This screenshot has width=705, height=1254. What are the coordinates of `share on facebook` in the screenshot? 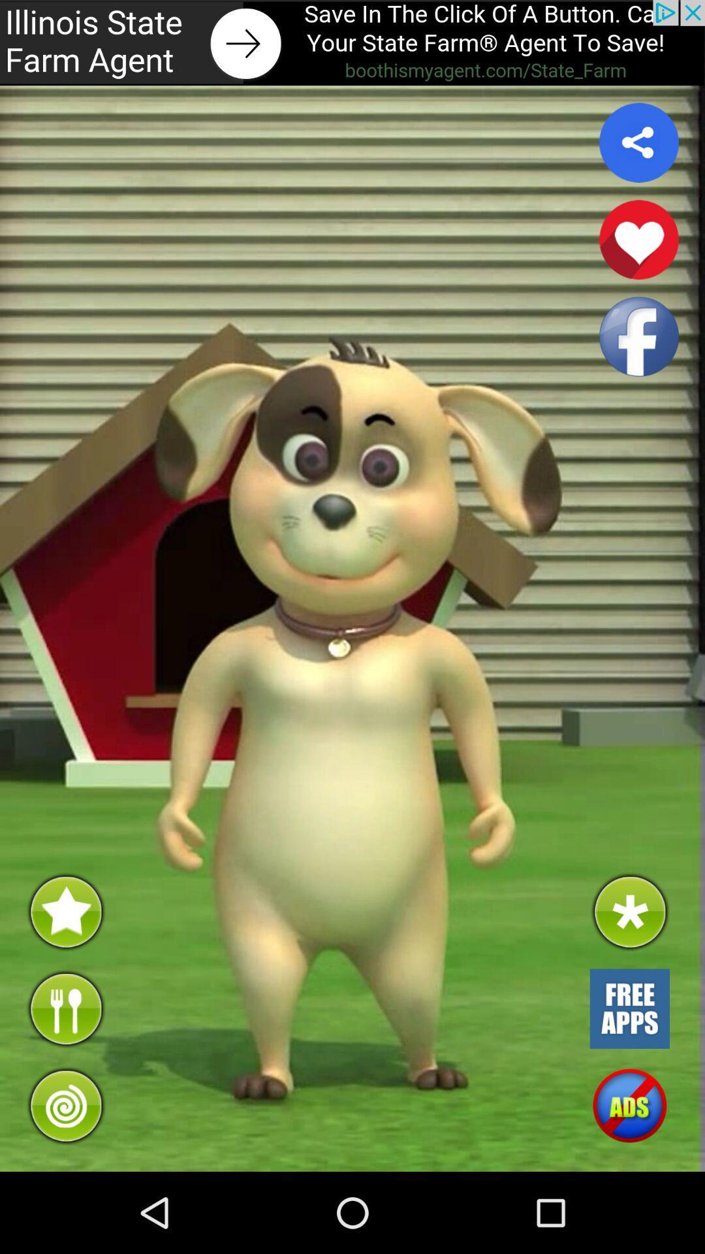 It's located at (638, 336).